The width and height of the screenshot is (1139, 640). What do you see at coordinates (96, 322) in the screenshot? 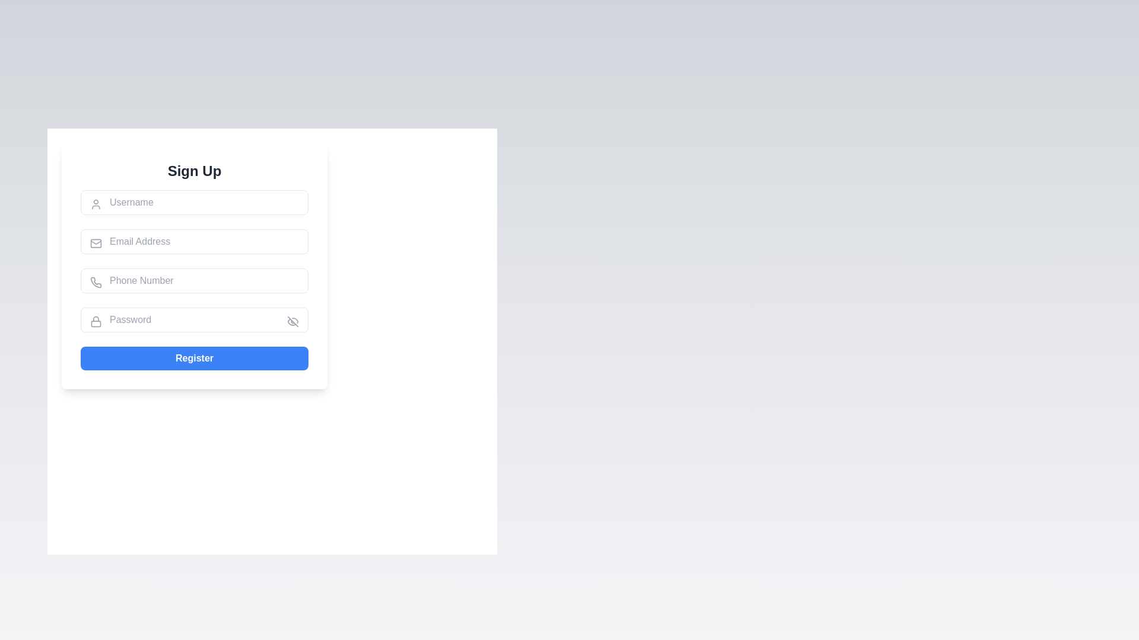
I see `the security icon located inside the 'Password' input field, which is positioned towards the left side of the text entry area, indicating that the password information will be protected` at bounding box center [96, 322].